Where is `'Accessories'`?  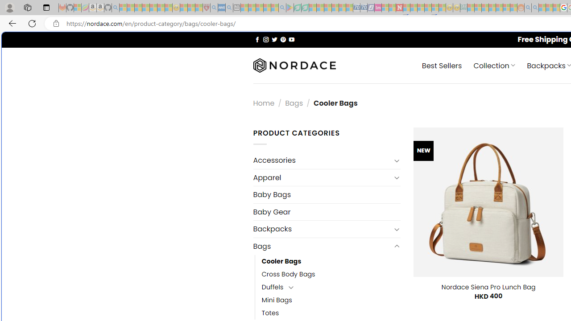
'Accessories' is located at coordinates (321, 160).